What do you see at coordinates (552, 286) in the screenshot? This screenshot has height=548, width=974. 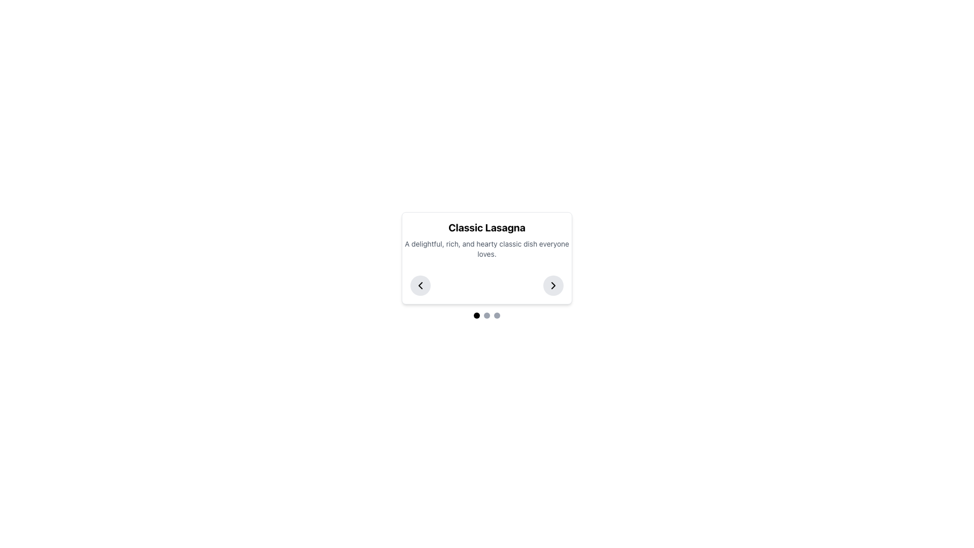 I see `the SVG Icon located at the bottom-right of the card` at bounding box center [552, 286].